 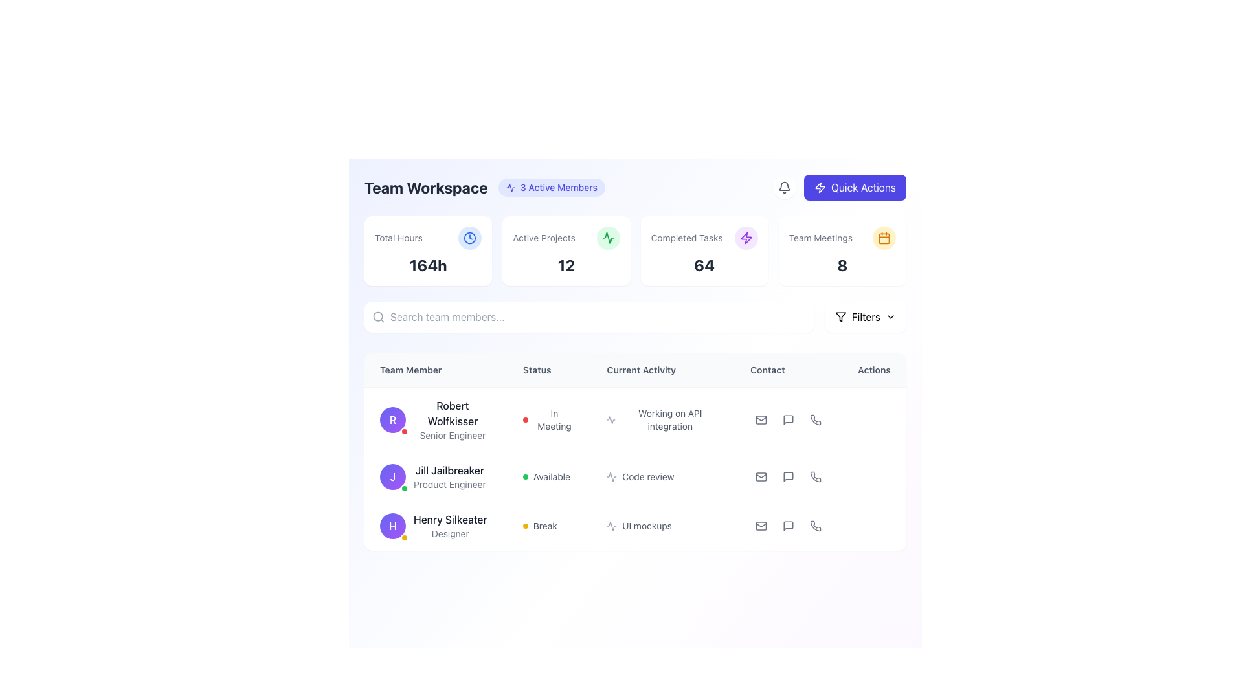 What do you see at coordinates (788, 419) in the screenshot?
I see `the comment bubble SVG icon located in the 'Actions' column of the second row under the 'Contact' section for user 'Jill Jailbreaker'` at bounding box center [788, 419].